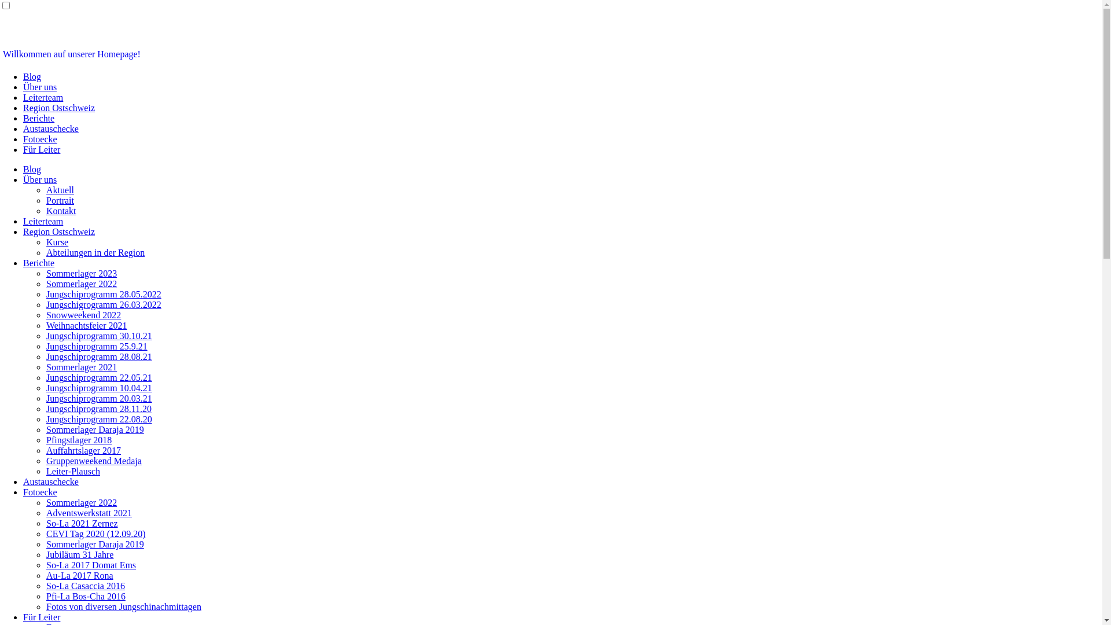 The image size is (1111, 625). Describe the element at coordinates (97, 345) in the screenshot. I see `'Jungschiprogramm 25.9.21'` at that location.